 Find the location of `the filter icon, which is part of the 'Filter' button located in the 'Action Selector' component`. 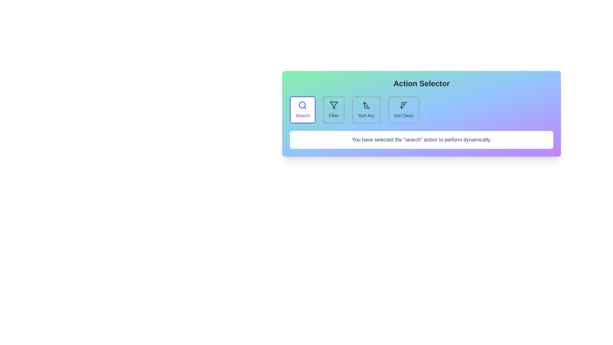

the filter icon, which is part of the 'Filter' button located in the 'Action Selector' component is located at coordinates (334, 105).